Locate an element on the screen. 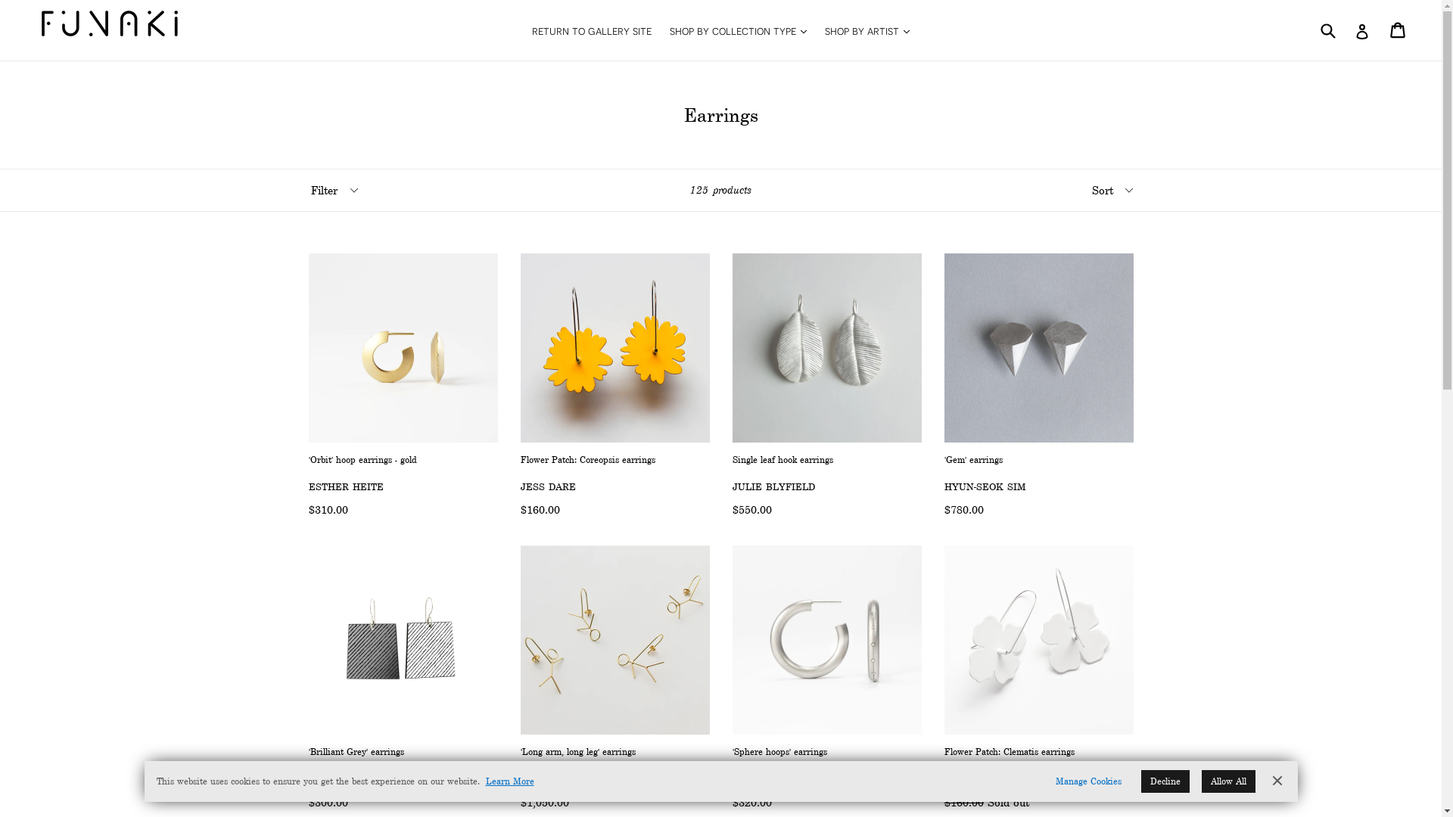 This screenshot has width=1453, height=817. 'Decline' is located at coordinates (1165, 781).